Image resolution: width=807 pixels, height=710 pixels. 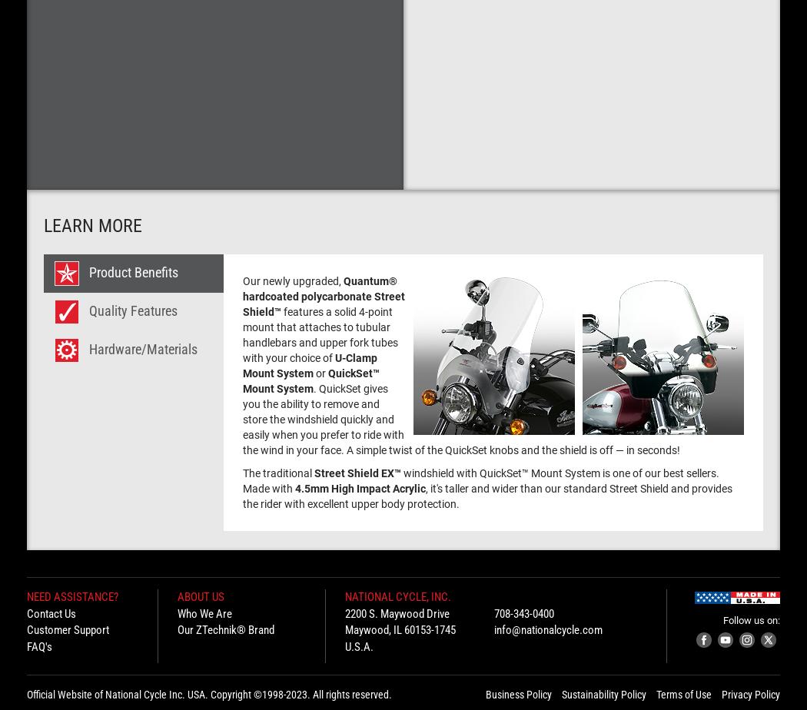 I want to click on 'Product Benefits', so click(x=133, y=271).